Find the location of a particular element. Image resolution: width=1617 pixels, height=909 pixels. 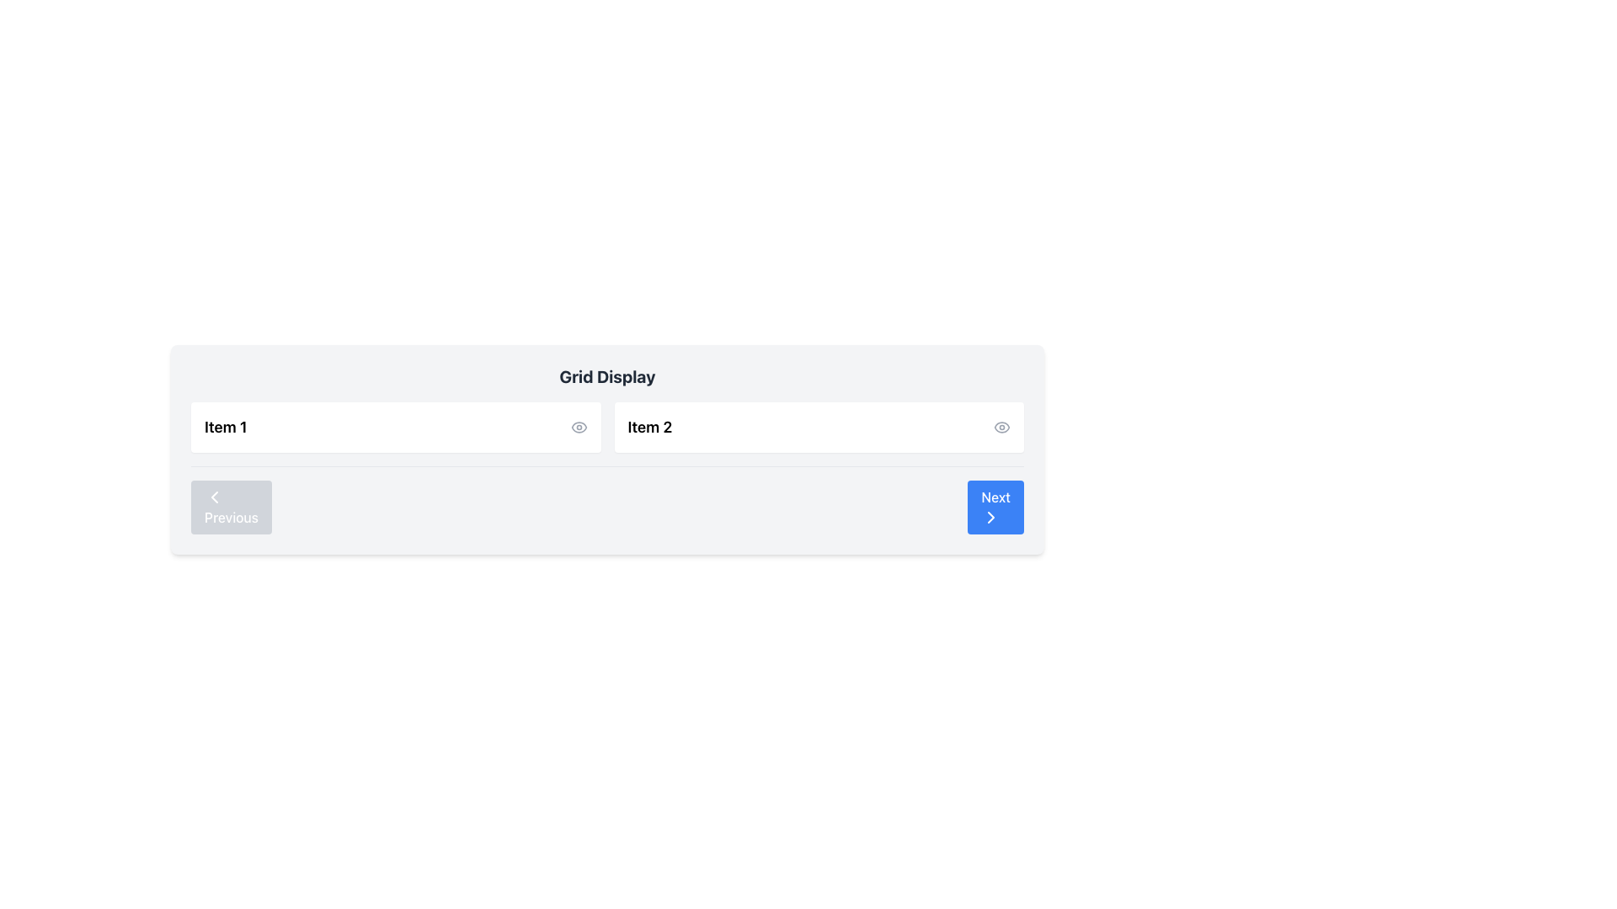

the icon button located to the far-right of the 'Item 2' text to change its color is located at coordinates (1002, 427).